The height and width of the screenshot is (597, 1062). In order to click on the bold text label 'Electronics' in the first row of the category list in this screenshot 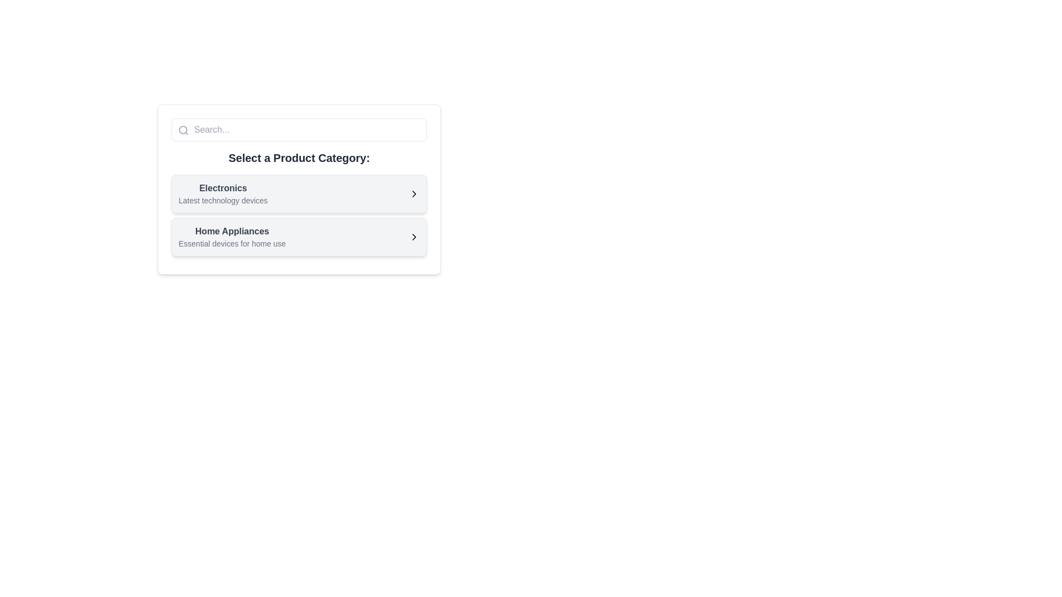, I will do `click(222, 193)`.